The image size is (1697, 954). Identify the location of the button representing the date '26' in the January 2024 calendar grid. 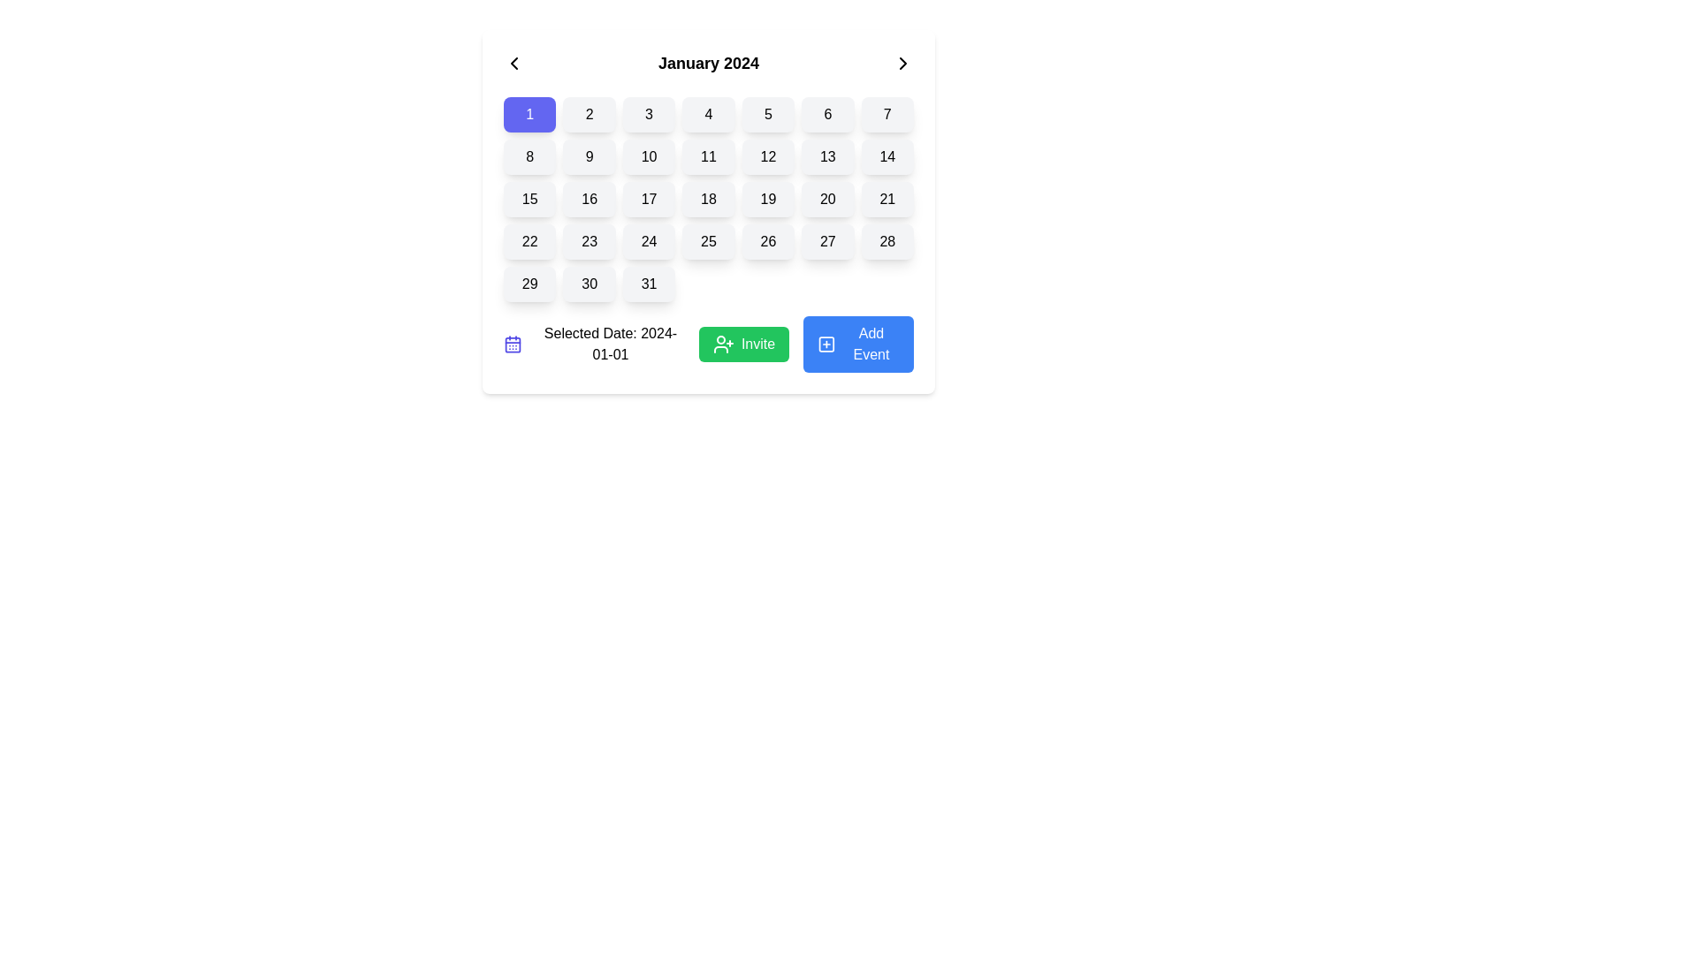
(768, 241).